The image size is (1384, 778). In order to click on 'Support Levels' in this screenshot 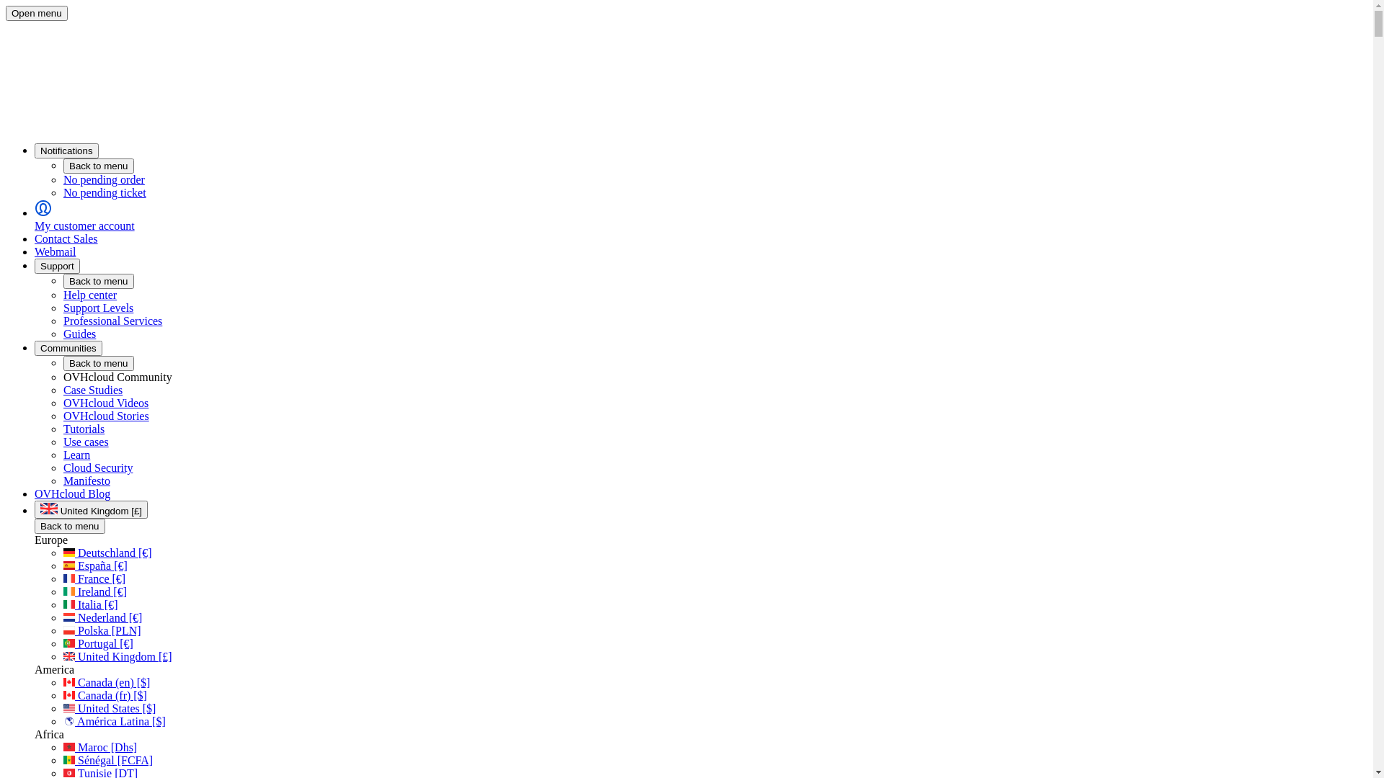, I will do `click(97, 307)`.